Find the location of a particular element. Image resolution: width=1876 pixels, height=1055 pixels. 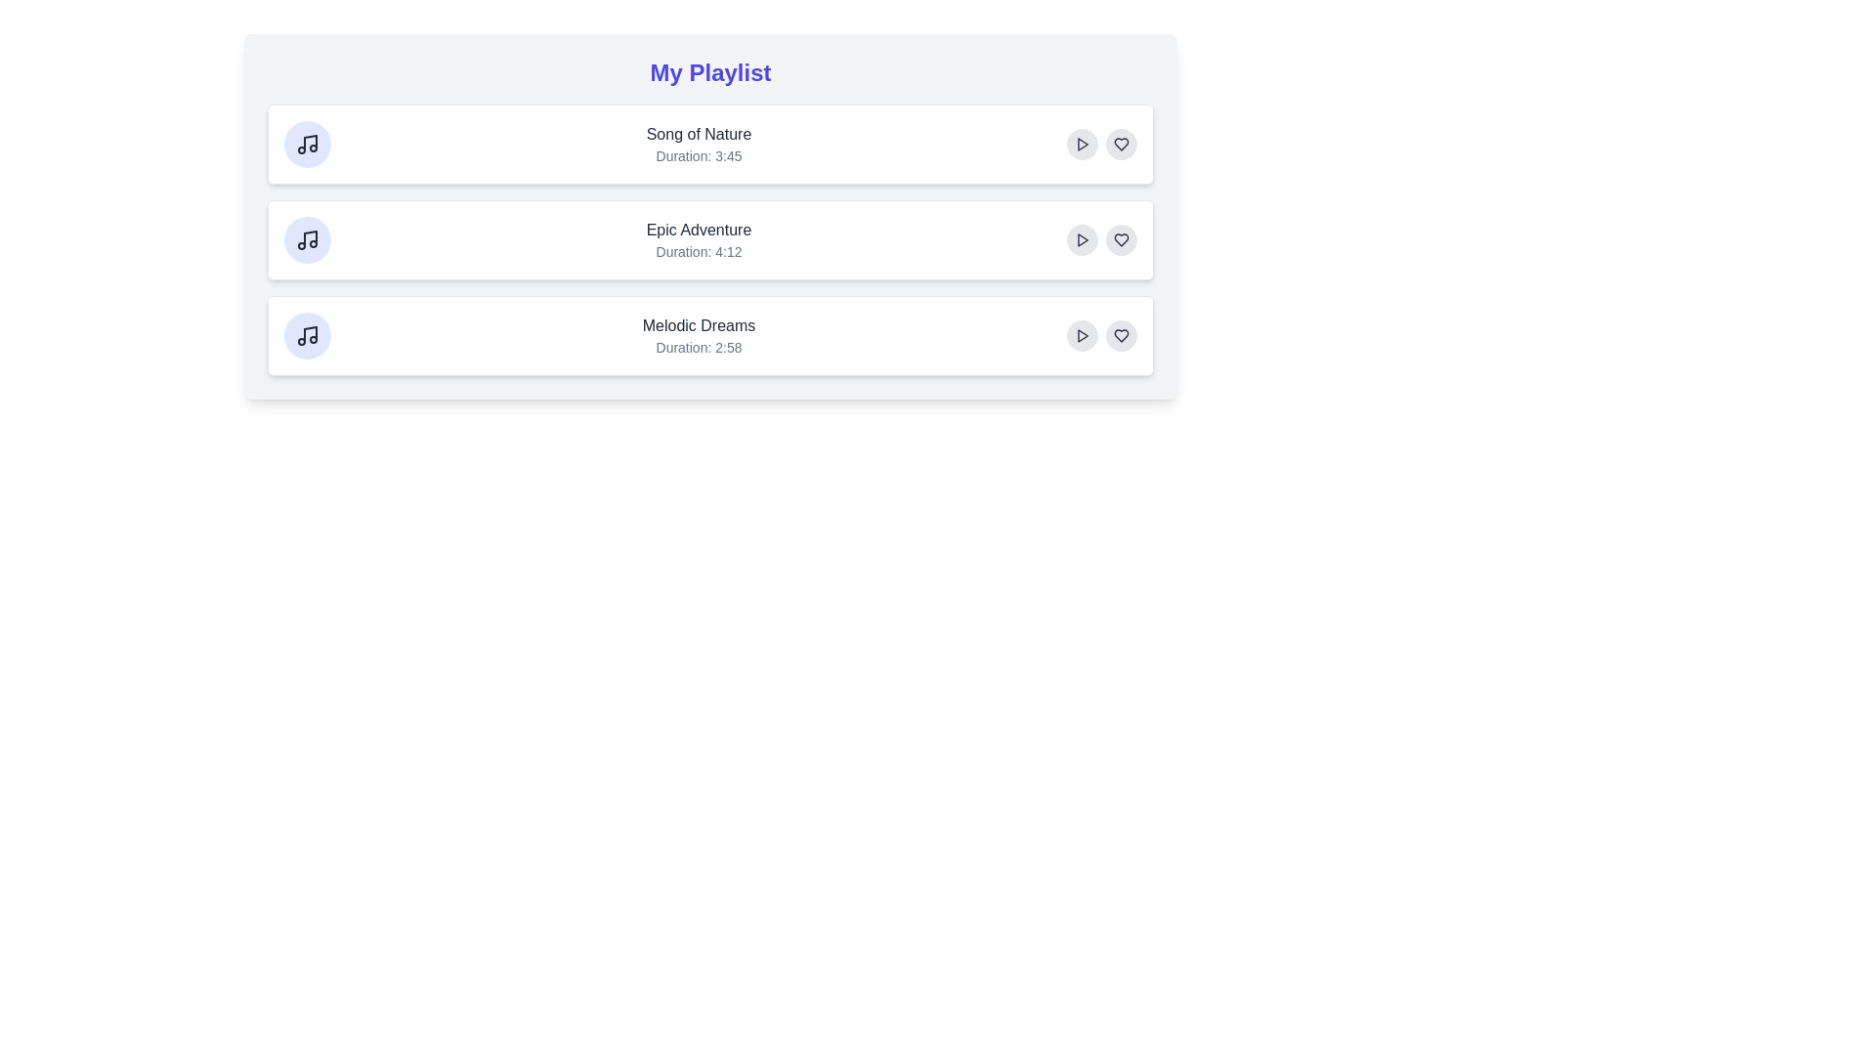

the heart button of the Melodic Dreams track is located at coordinates (1121, 334).